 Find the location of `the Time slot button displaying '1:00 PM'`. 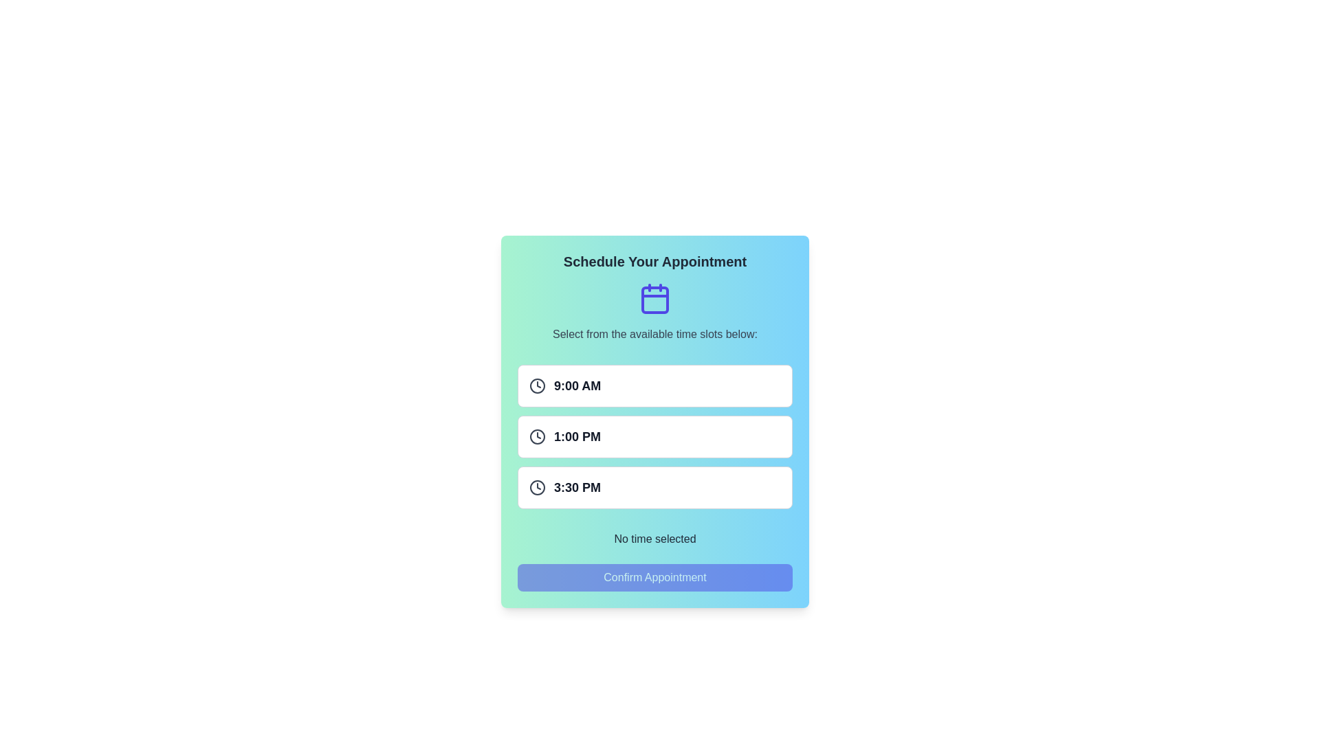

the Time slot button displaying '1:00 PM' is located at coordinates (654, 437).